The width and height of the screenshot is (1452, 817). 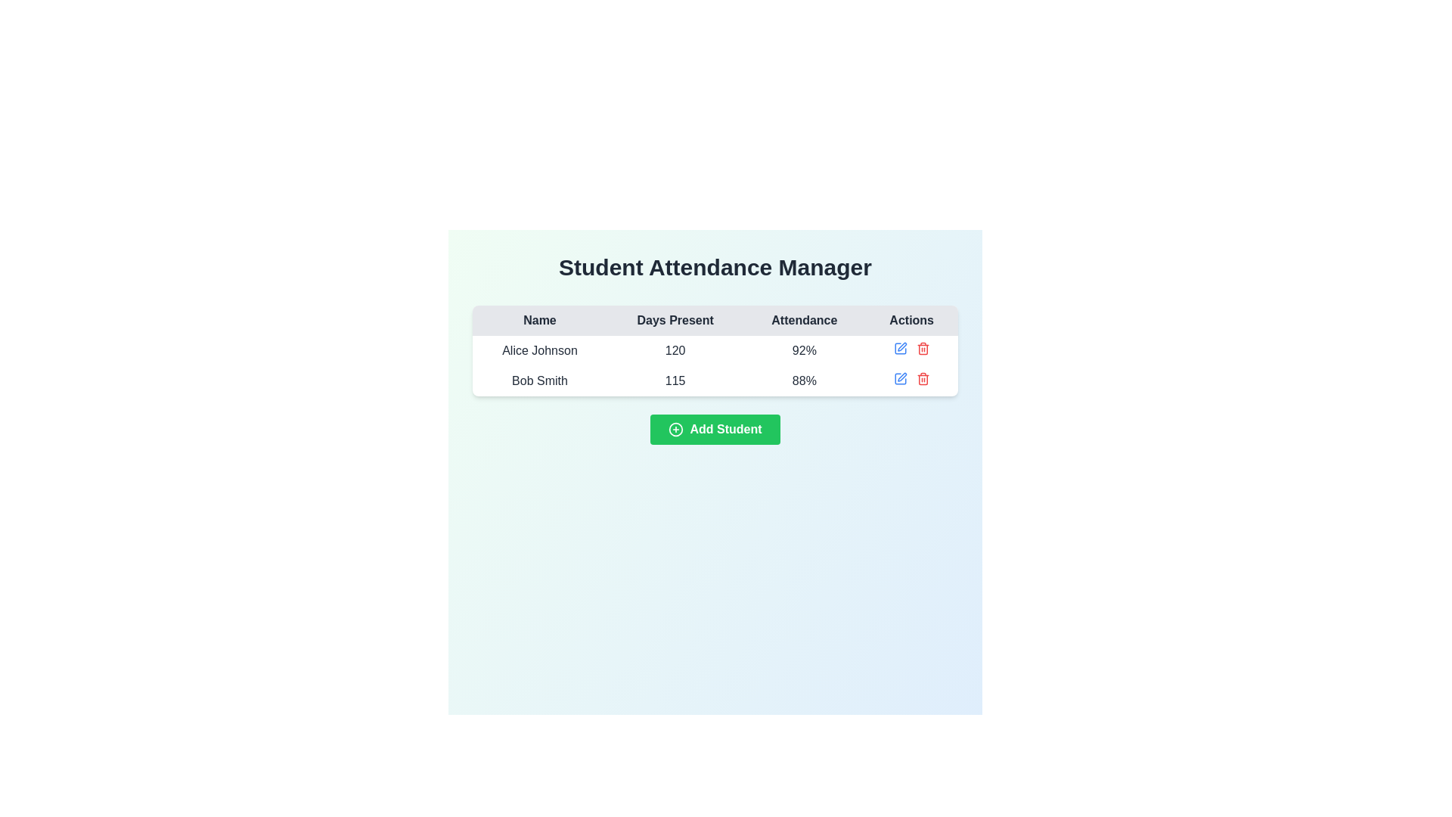 What do you see at coordinates (922, 378) in the screenshot?
I see `the red trash bin icon button located at the far right in the 'Actions' column of the table's second row for keyboard interaction` at bounding box center [922, 378].